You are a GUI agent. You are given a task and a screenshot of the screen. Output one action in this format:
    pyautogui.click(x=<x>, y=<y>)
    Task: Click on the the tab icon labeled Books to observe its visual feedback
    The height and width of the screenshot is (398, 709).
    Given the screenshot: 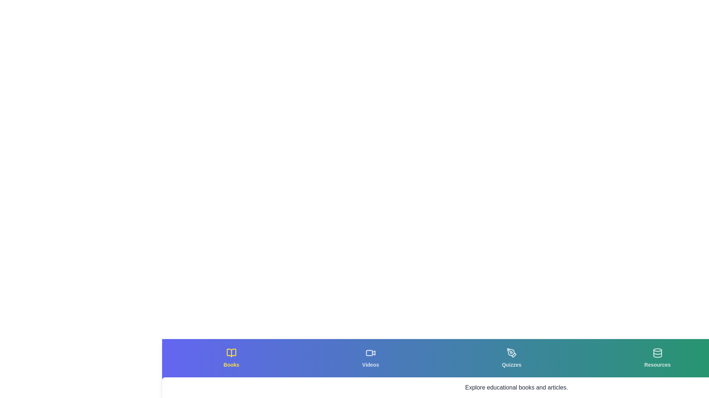 What is the action you would take?
    pyautogui.click(x=231, y=358)
    